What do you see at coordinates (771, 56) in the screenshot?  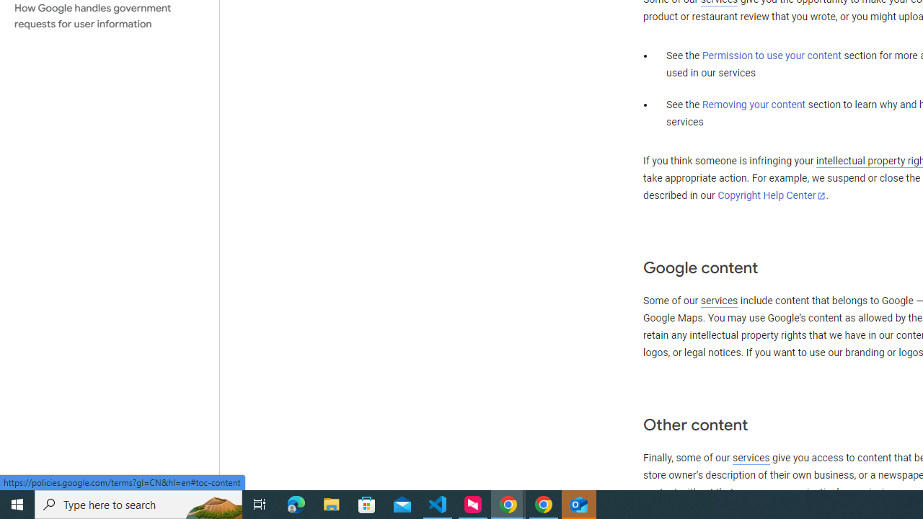 I see `'Permission to use your content'` at bounding box center [771, 56].